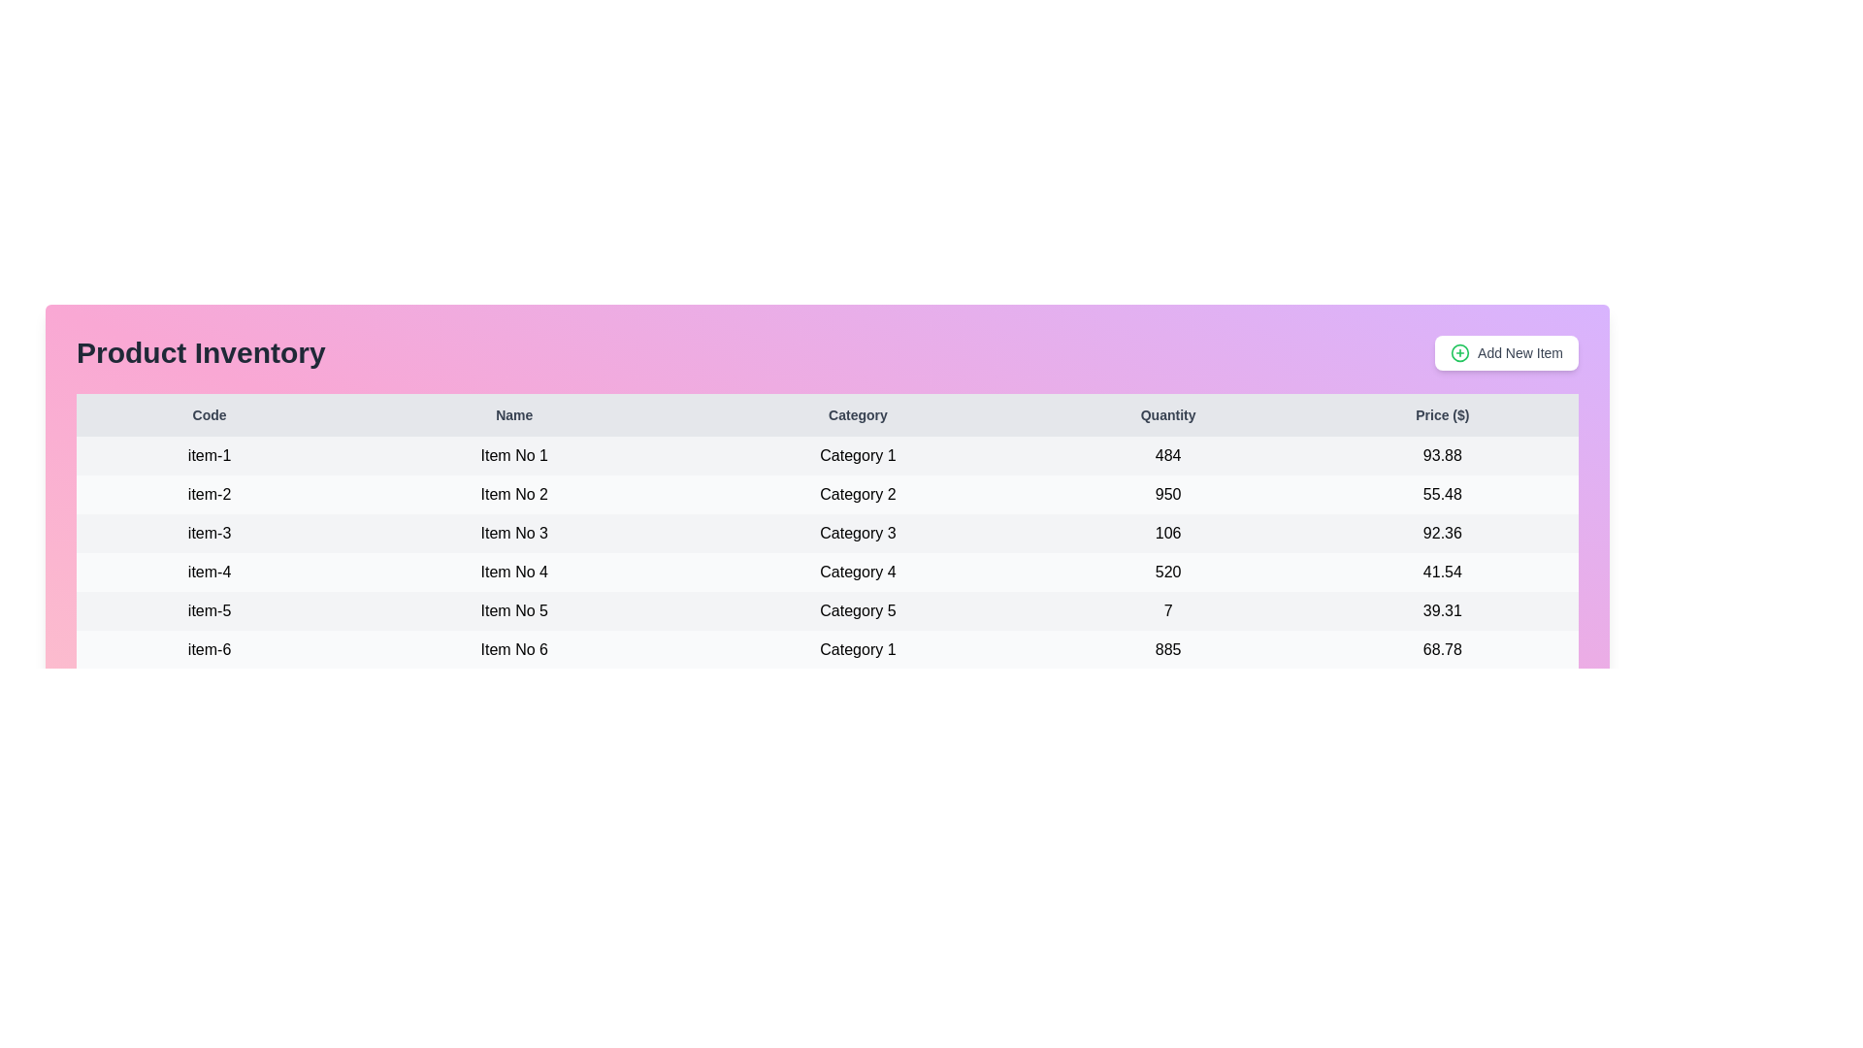  I want to click on 'Add New Item' button to initiate the addition of a new item, so click(1506, 352).